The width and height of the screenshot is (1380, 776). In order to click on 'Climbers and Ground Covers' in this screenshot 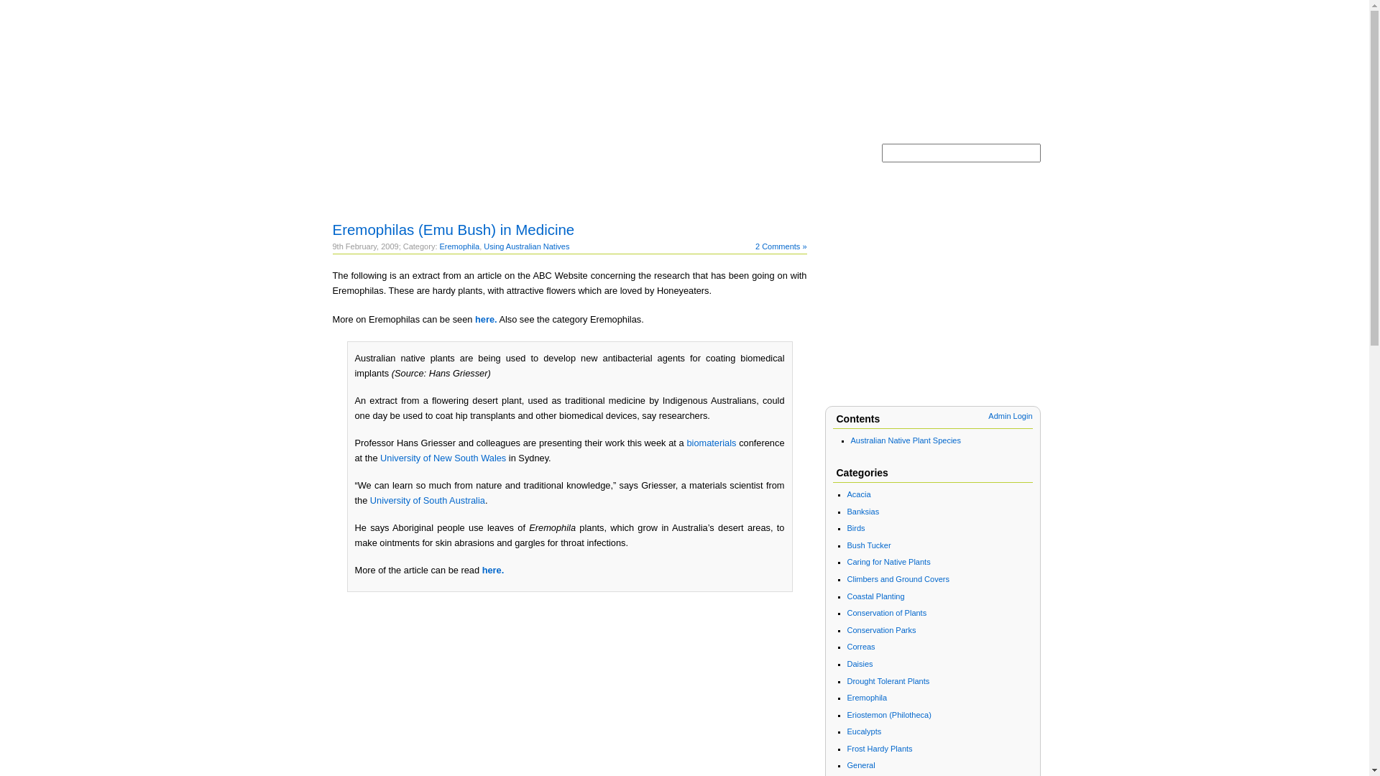, I will do `click(896, 578)`.